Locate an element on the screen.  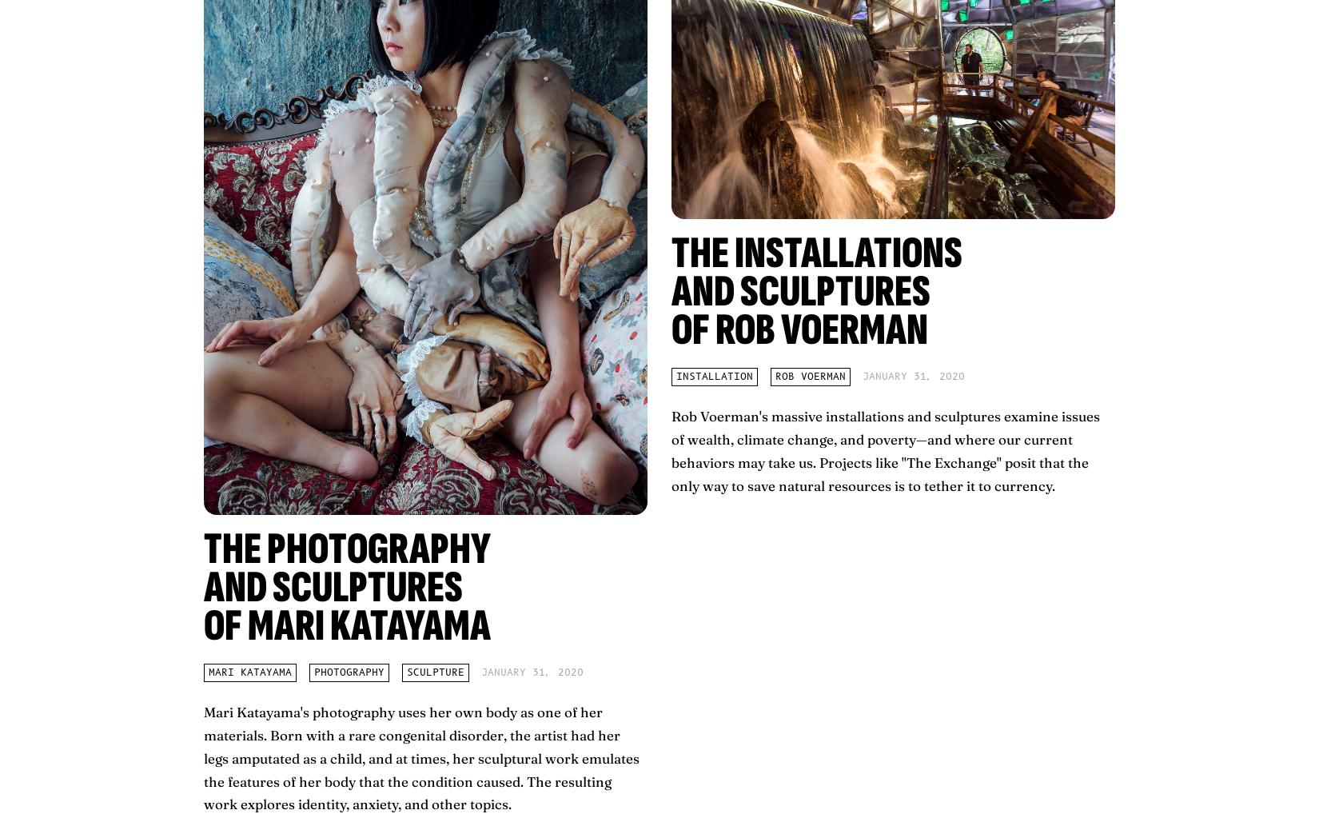
'Rob Voerman' is located at coordinates (775, 376).